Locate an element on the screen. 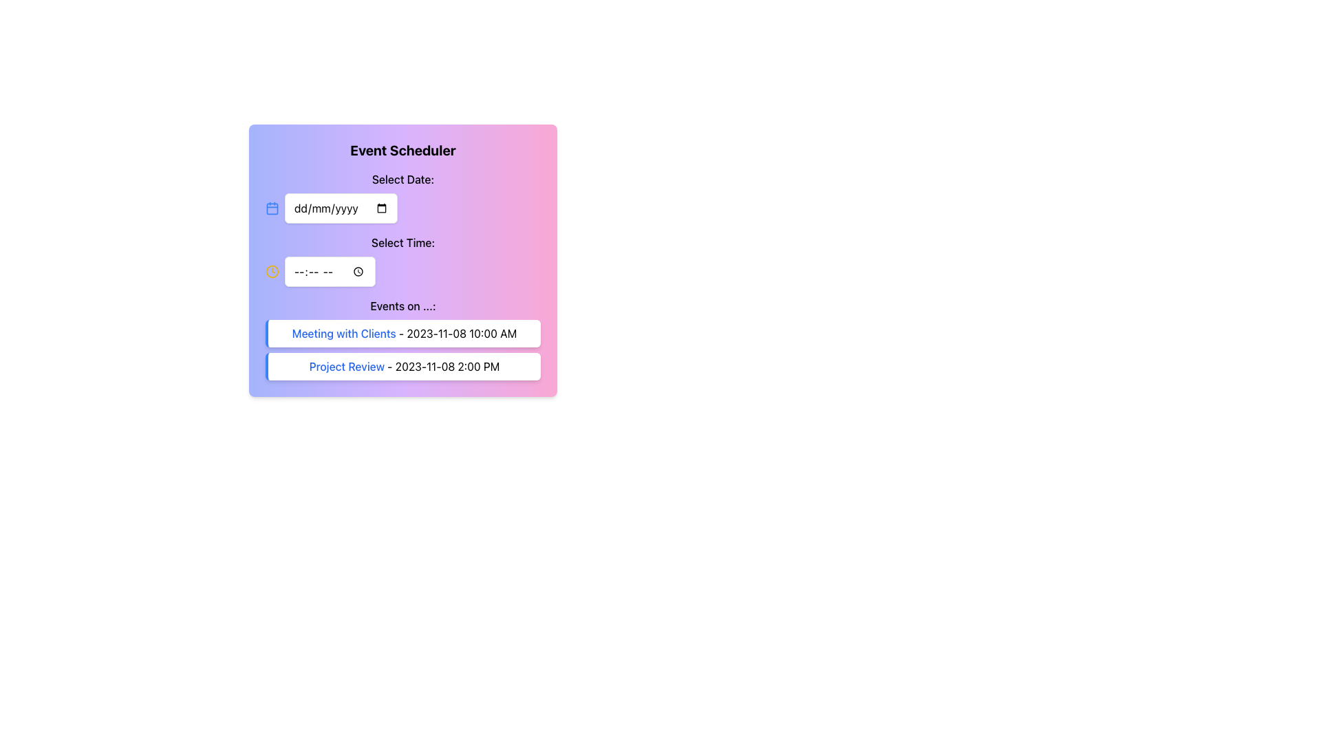  the background rectangle of the calendar icon is located at coordinates (272, 208).